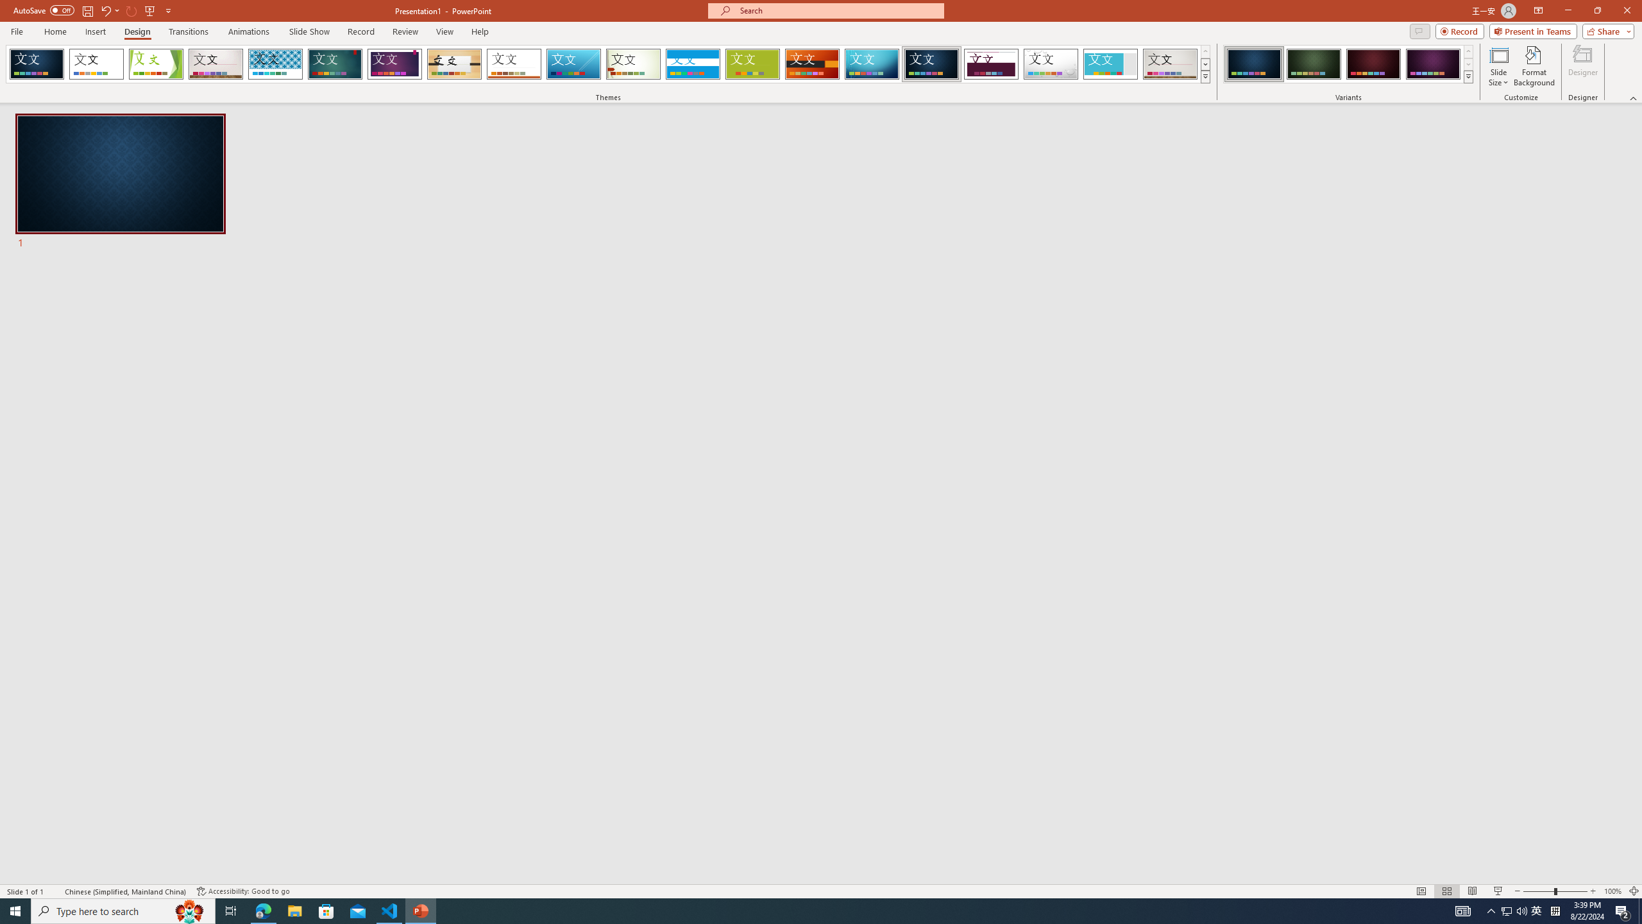  What do you see at coordinates (1534, 66) in the screenshot?
I see `'Format Background'` at bounding box center [1534, 66].